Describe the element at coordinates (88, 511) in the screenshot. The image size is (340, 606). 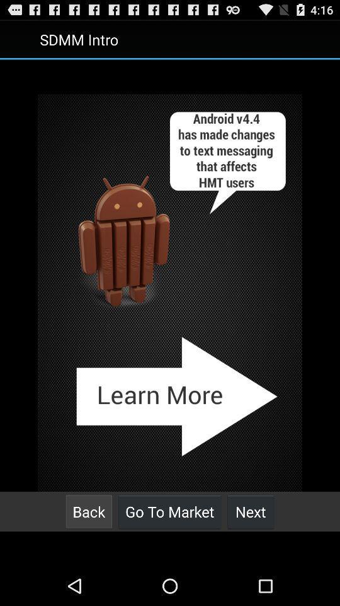
I see `back icon` at that location.